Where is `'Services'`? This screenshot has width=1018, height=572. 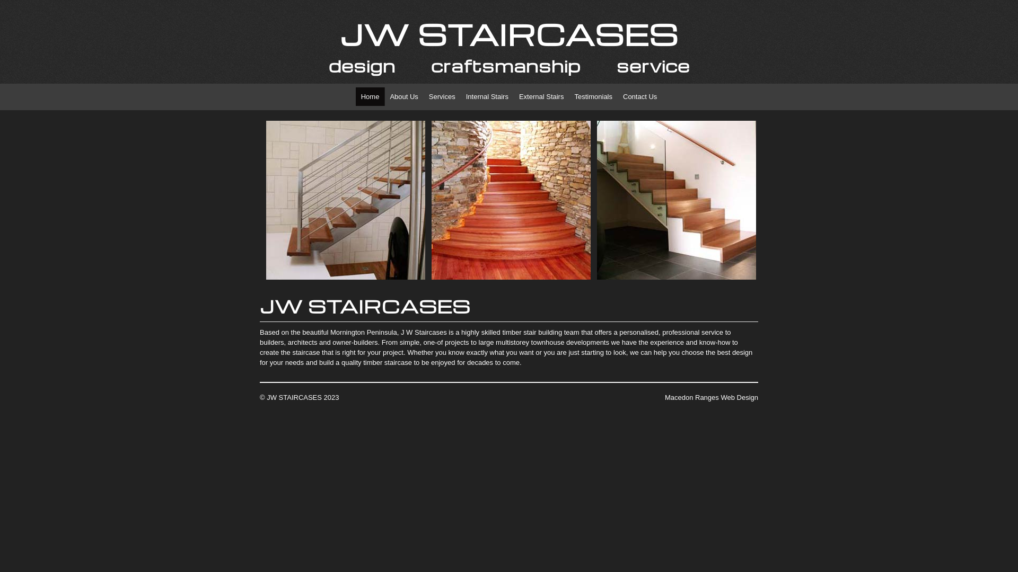 'Services' is located at coordinates (442, 96).